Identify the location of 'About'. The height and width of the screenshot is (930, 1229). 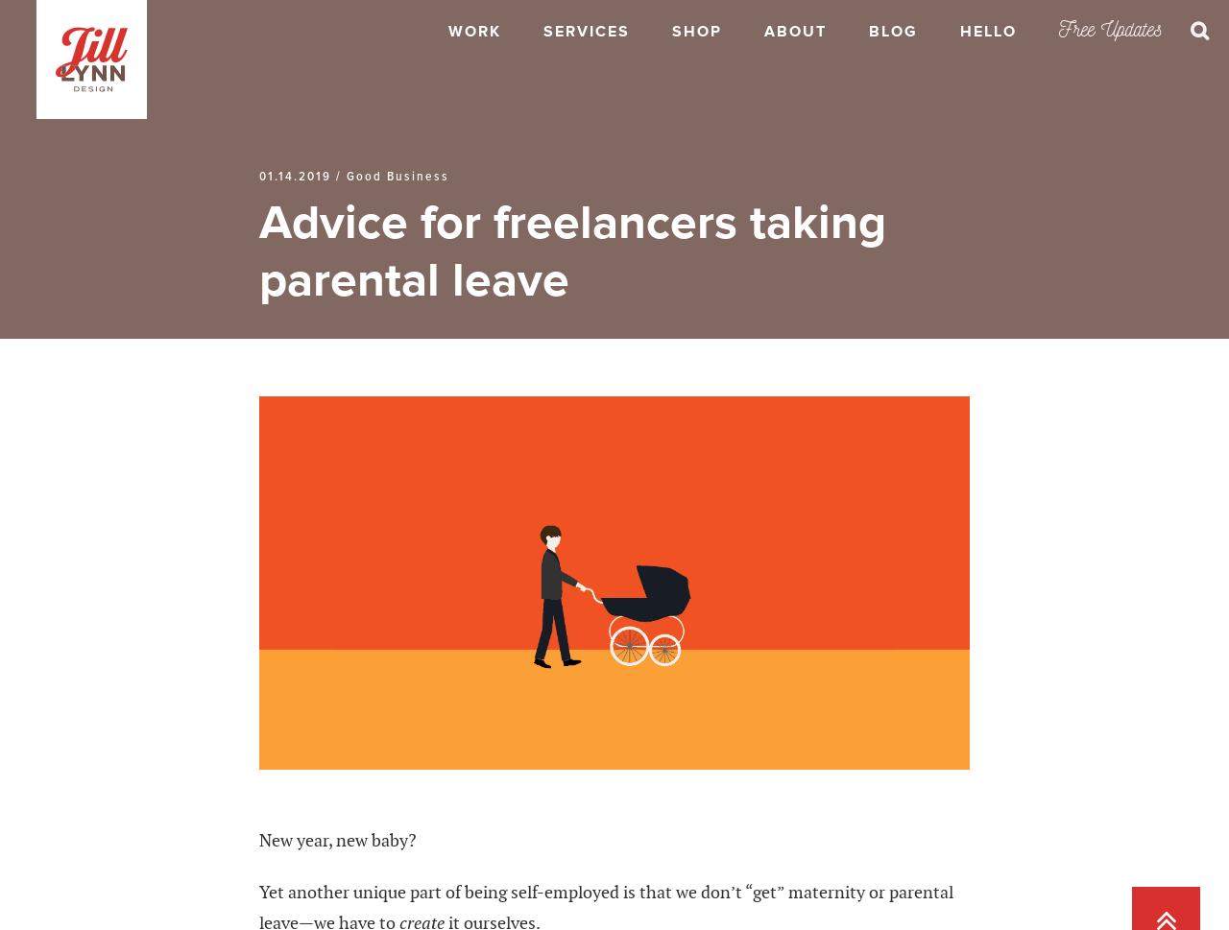
(795, 32).